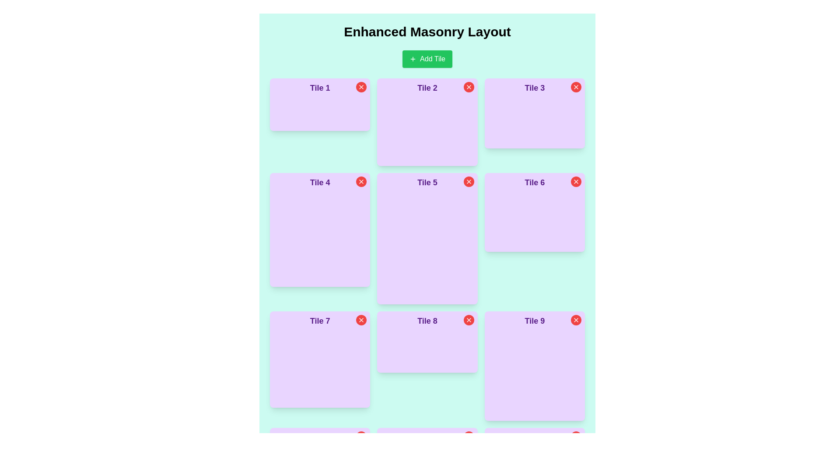 The height and width of the screenshot is (473, 840). I want to click on the delete button located in the top-right corner of 'Tile 3', so click(576, 87).